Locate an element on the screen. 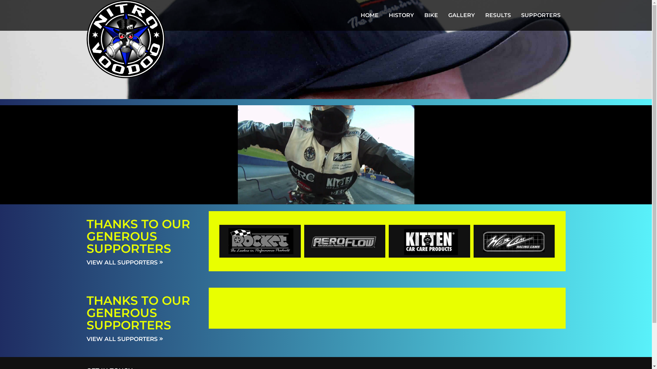  'HISTORY' is located at coordinates (401, 15).